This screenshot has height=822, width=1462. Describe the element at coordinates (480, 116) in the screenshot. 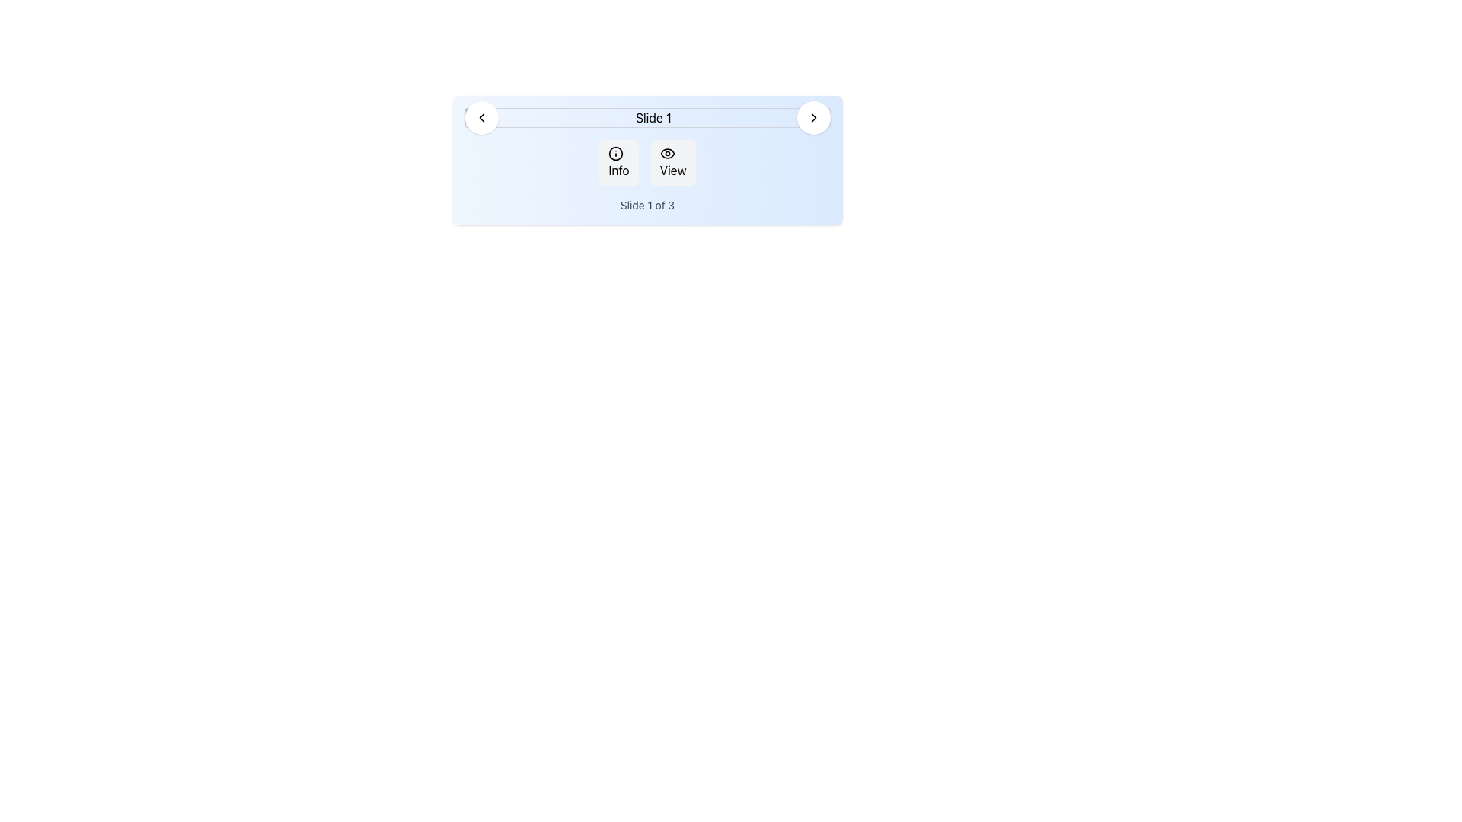

I see `the circular button with a left-pointing chevron icon in the center` at that location.